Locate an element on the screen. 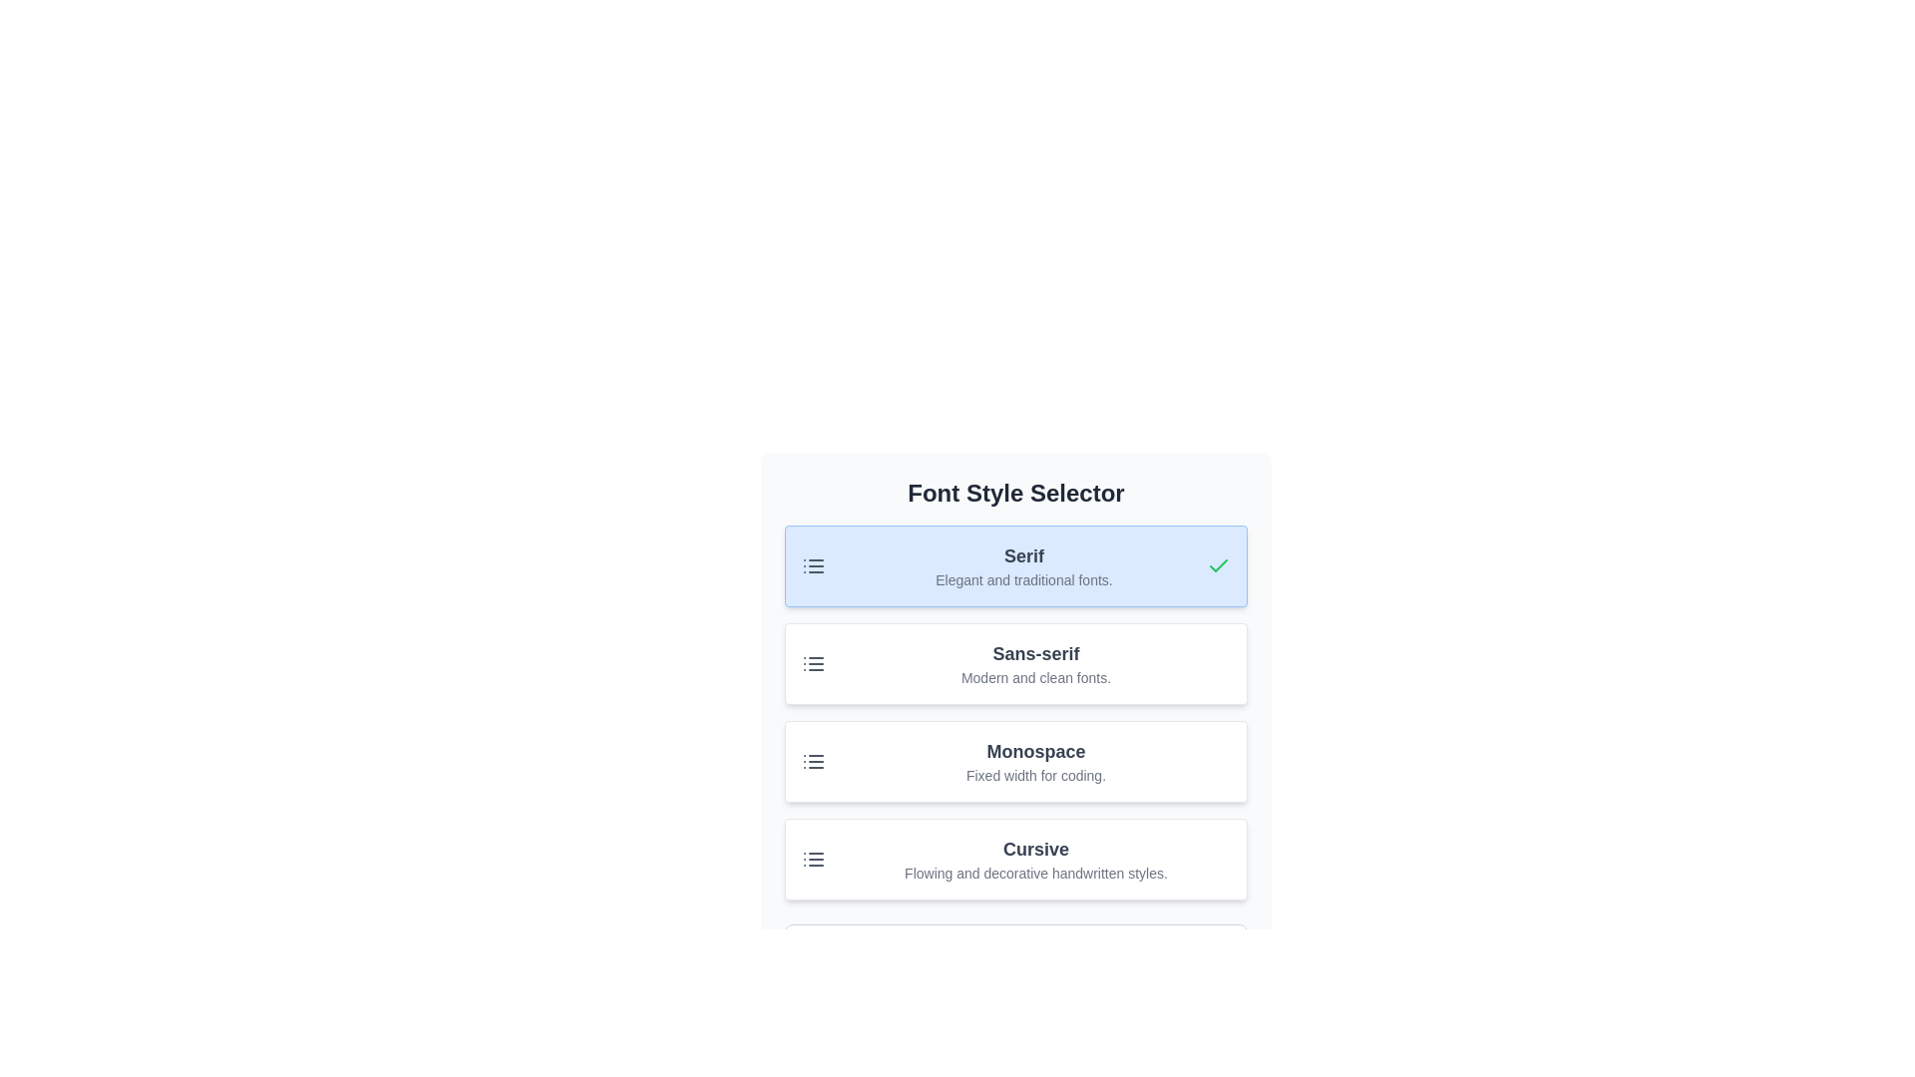 The image size is (1915, 1077). the text block displaying 'Monospace' in bold and 'Fixed width for coding.' in smaller font, which is the third item in a vertically stacked list of font styles is located at coordinates (1035, 761).